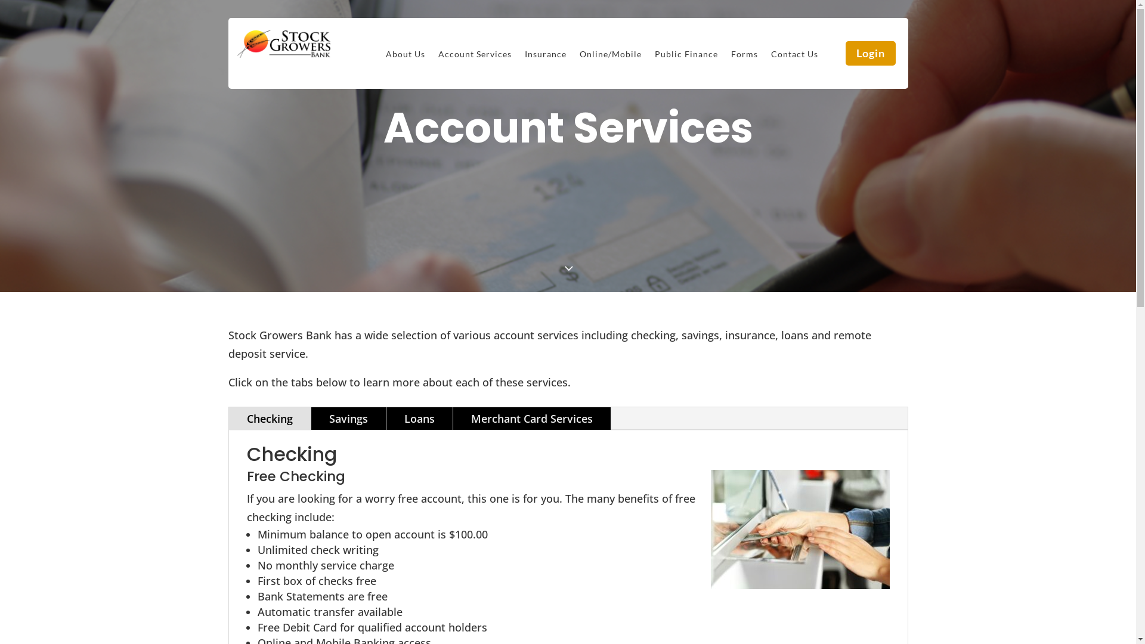 This screenshot has width=1145, height=644. What do you see at coordinates (794, 57) in the screenshot?
I see `'Contact Us'` at bounding box center [794, 57].